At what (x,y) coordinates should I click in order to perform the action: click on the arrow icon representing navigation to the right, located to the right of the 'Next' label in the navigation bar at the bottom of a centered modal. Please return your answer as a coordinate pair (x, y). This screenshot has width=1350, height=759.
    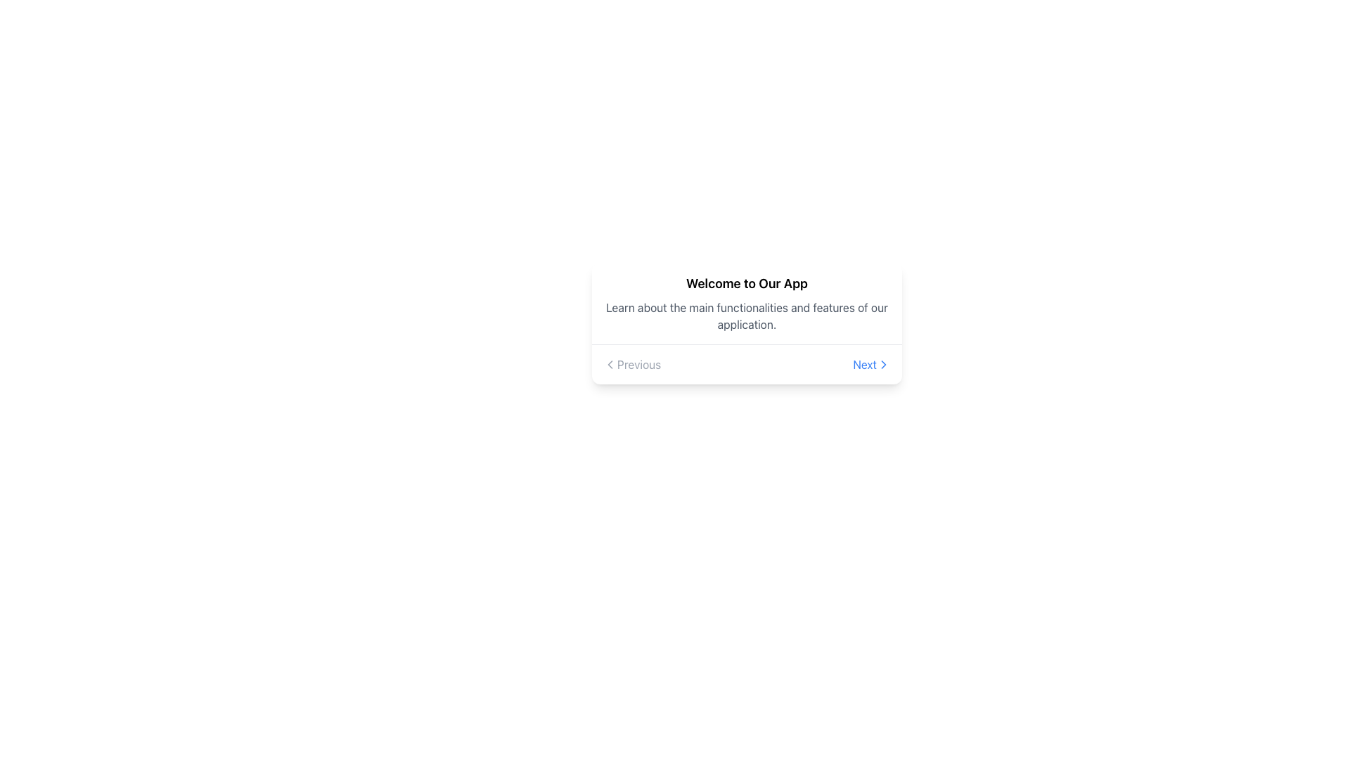
    Looking at the image, I should click on (883, 364).